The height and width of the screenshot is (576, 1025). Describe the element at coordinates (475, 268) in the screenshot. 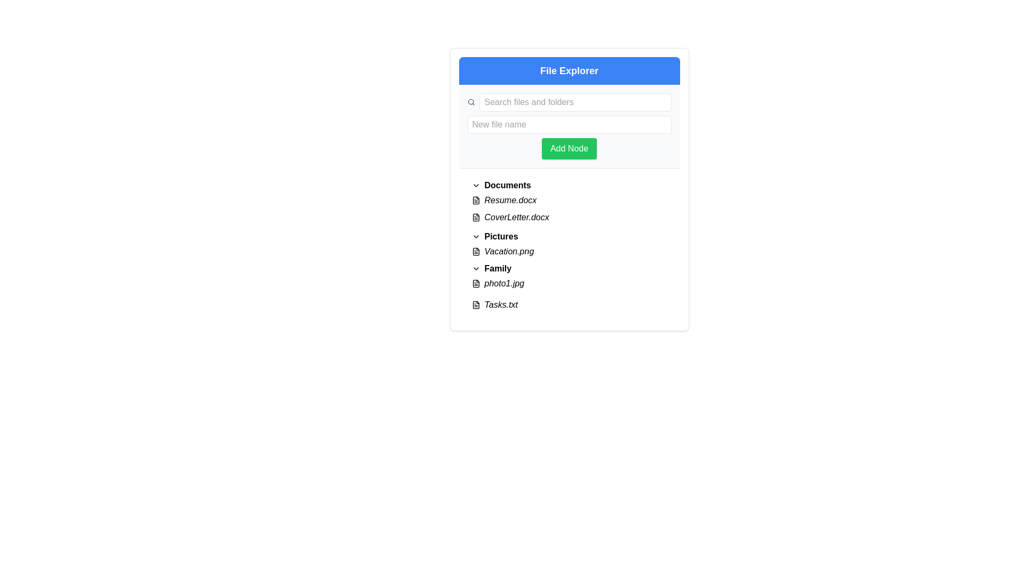

I see `the downward-pointing chevron icon next to the 'Family' text label` at that location.